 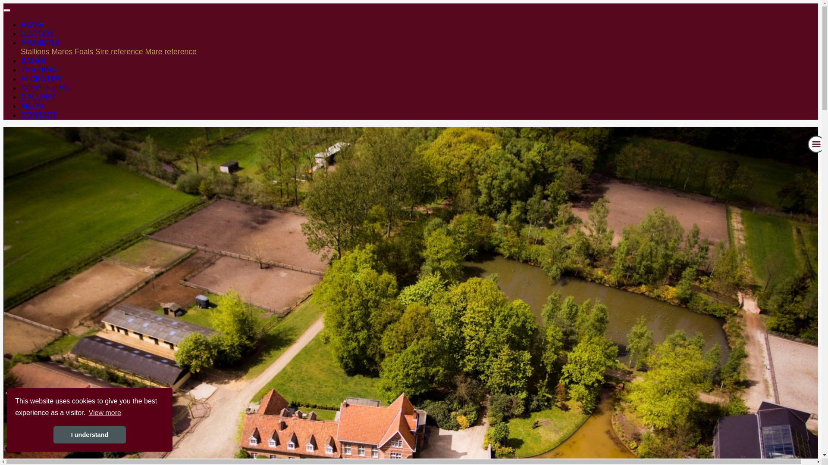 What do you see at coordinates (34, 51) in the screenshot?
I see `'Stallions'` at bounding box center [34, 51].